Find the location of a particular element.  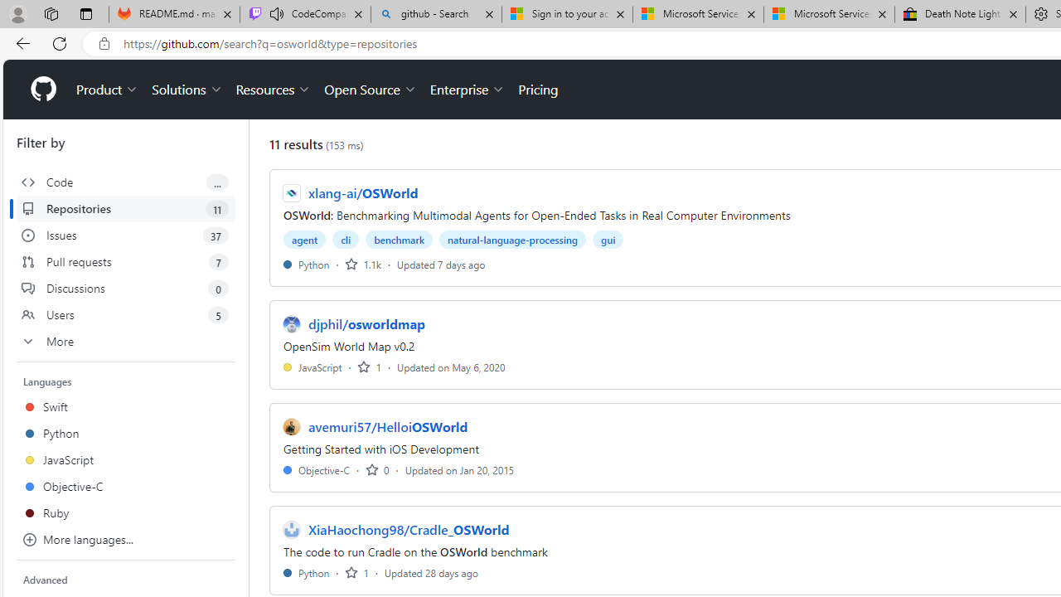

'Homepage' is located at coordinates (42, 90).